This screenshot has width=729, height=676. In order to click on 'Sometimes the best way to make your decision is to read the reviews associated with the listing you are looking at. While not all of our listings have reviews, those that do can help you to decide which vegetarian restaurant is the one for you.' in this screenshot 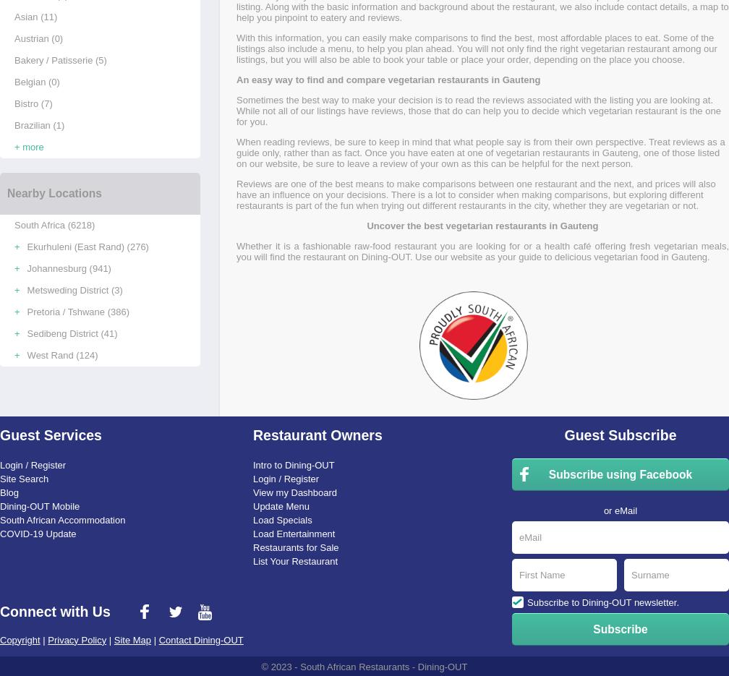, I will do `click(478, 110)`.